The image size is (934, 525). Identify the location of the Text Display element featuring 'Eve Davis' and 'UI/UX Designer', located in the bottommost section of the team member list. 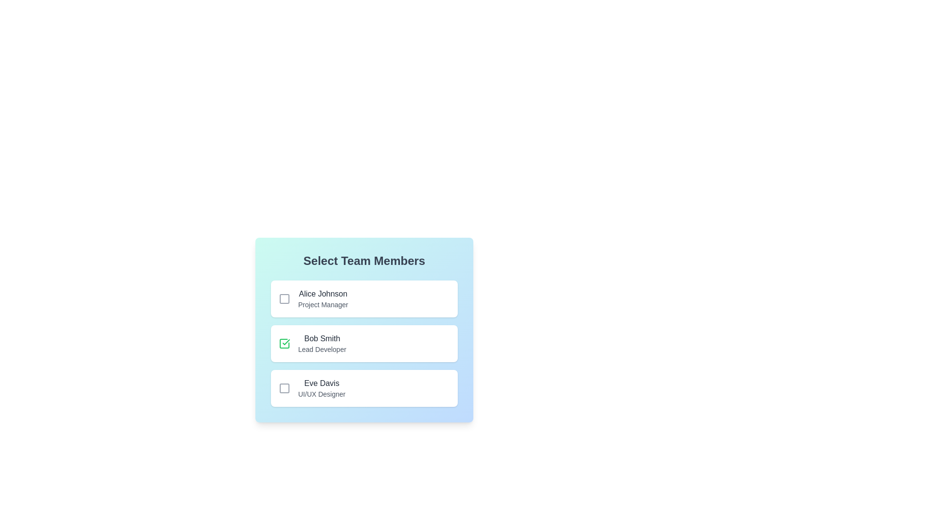
(322, 387).